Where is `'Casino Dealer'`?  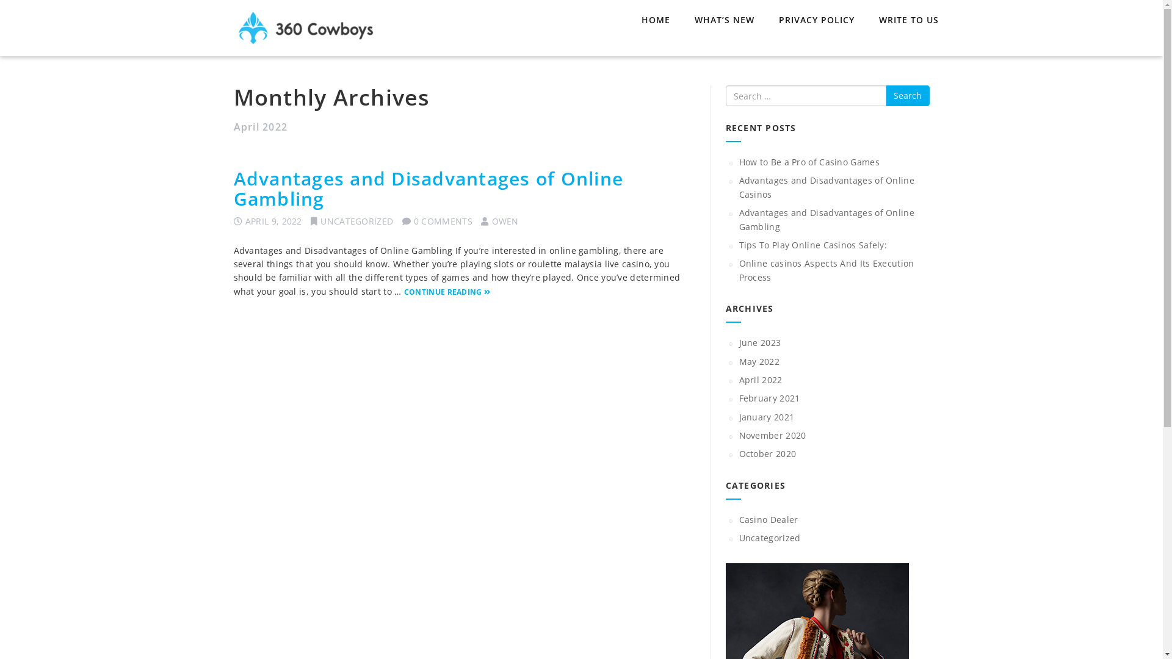 'Casino Dealer' is located at coordinates (767, 519).